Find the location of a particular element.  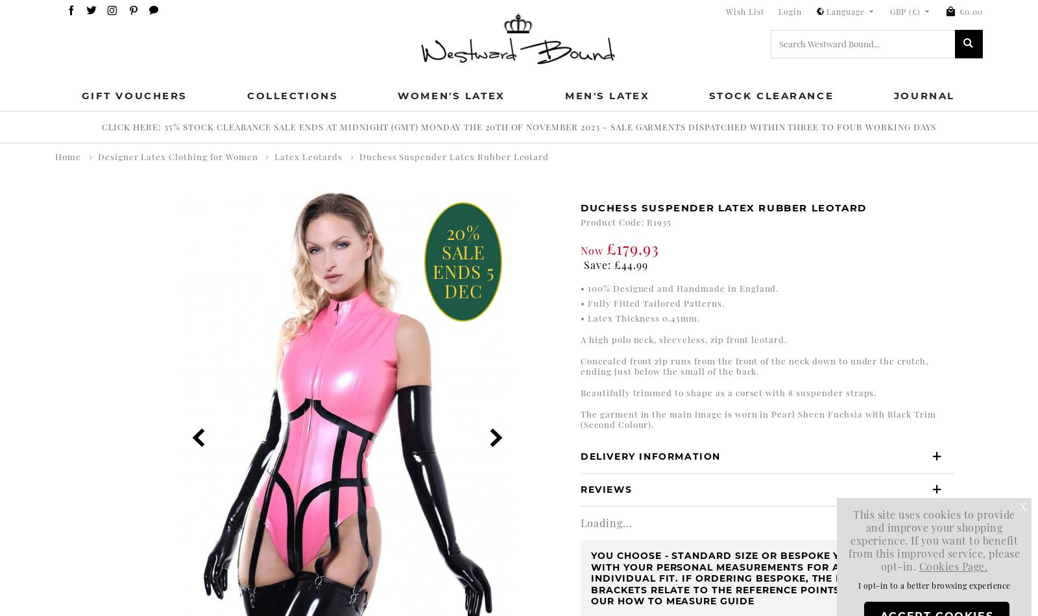

'Latex Corsets and Kilts' is located at coordinates (182, 189).